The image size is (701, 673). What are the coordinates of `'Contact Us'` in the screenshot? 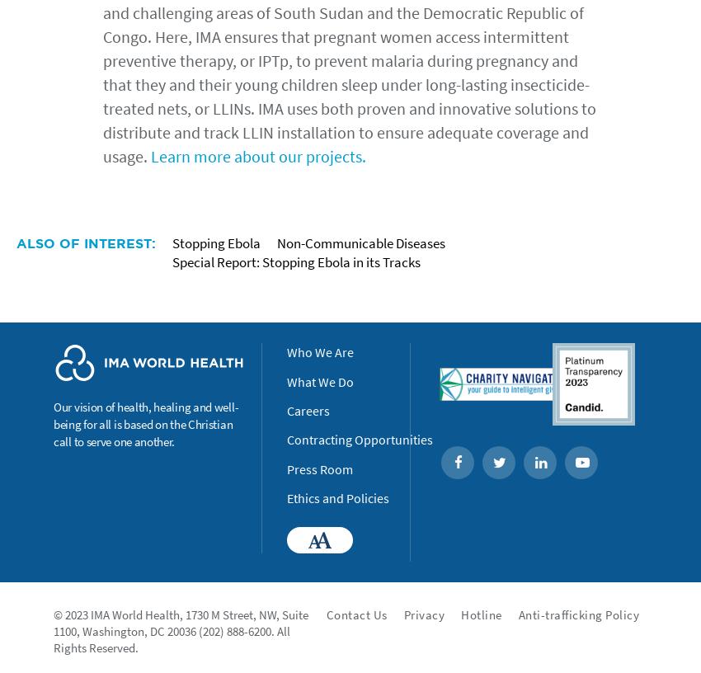 It's located at (355, 614).